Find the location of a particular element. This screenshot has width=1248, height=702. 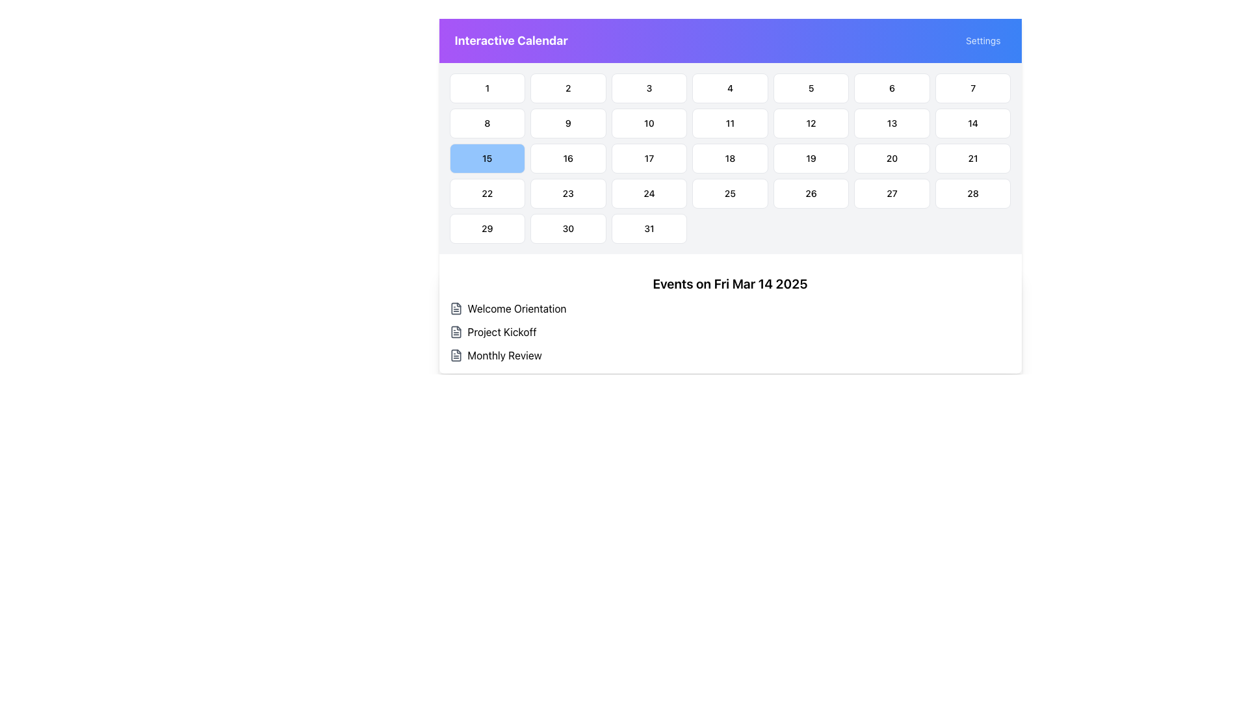

the Date cell representing the 22nd day in the interactive calendar is located at coordinates (486, 193).